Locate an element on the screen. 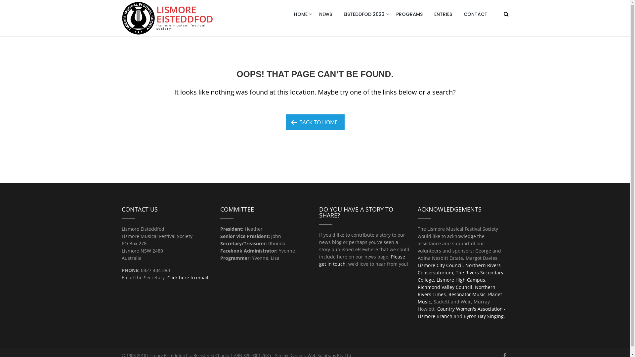 This screenshot has height=357, width=635. 'HOME' is located at coordinates (304, 14).